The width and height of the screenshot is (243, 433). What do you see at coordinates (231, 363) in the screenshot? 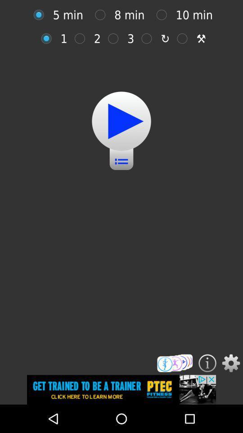
I see `open settings` at bounding box center [231, 363].